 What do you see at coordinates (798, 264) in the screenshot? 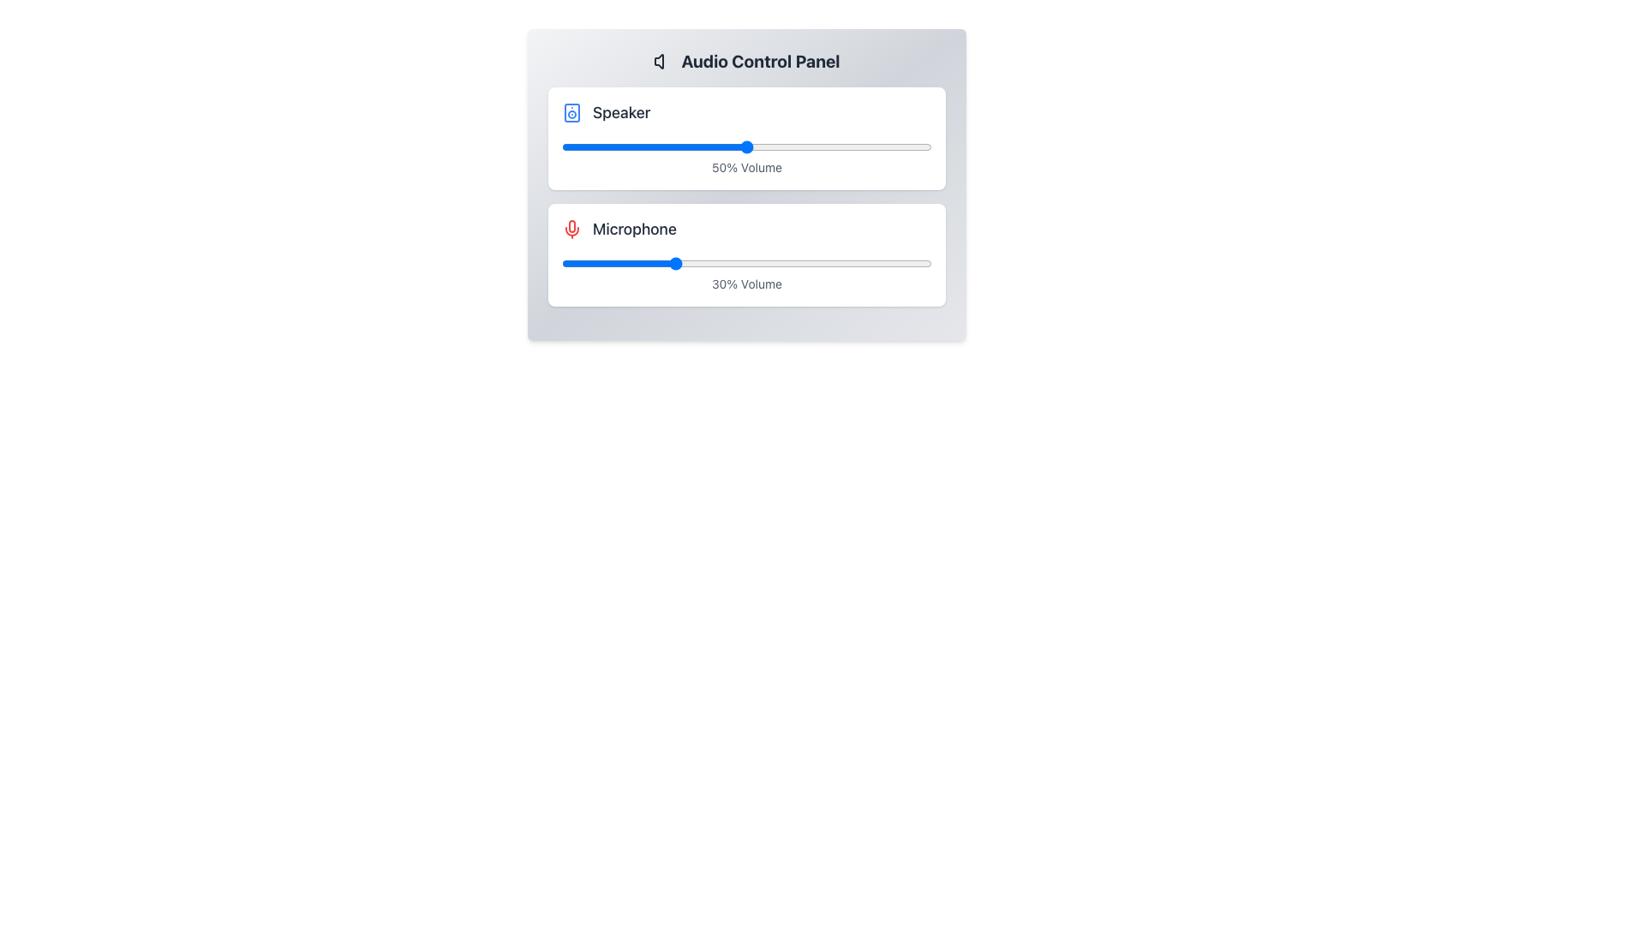
I see `the microphone volume` at bounding box center [798, 264].